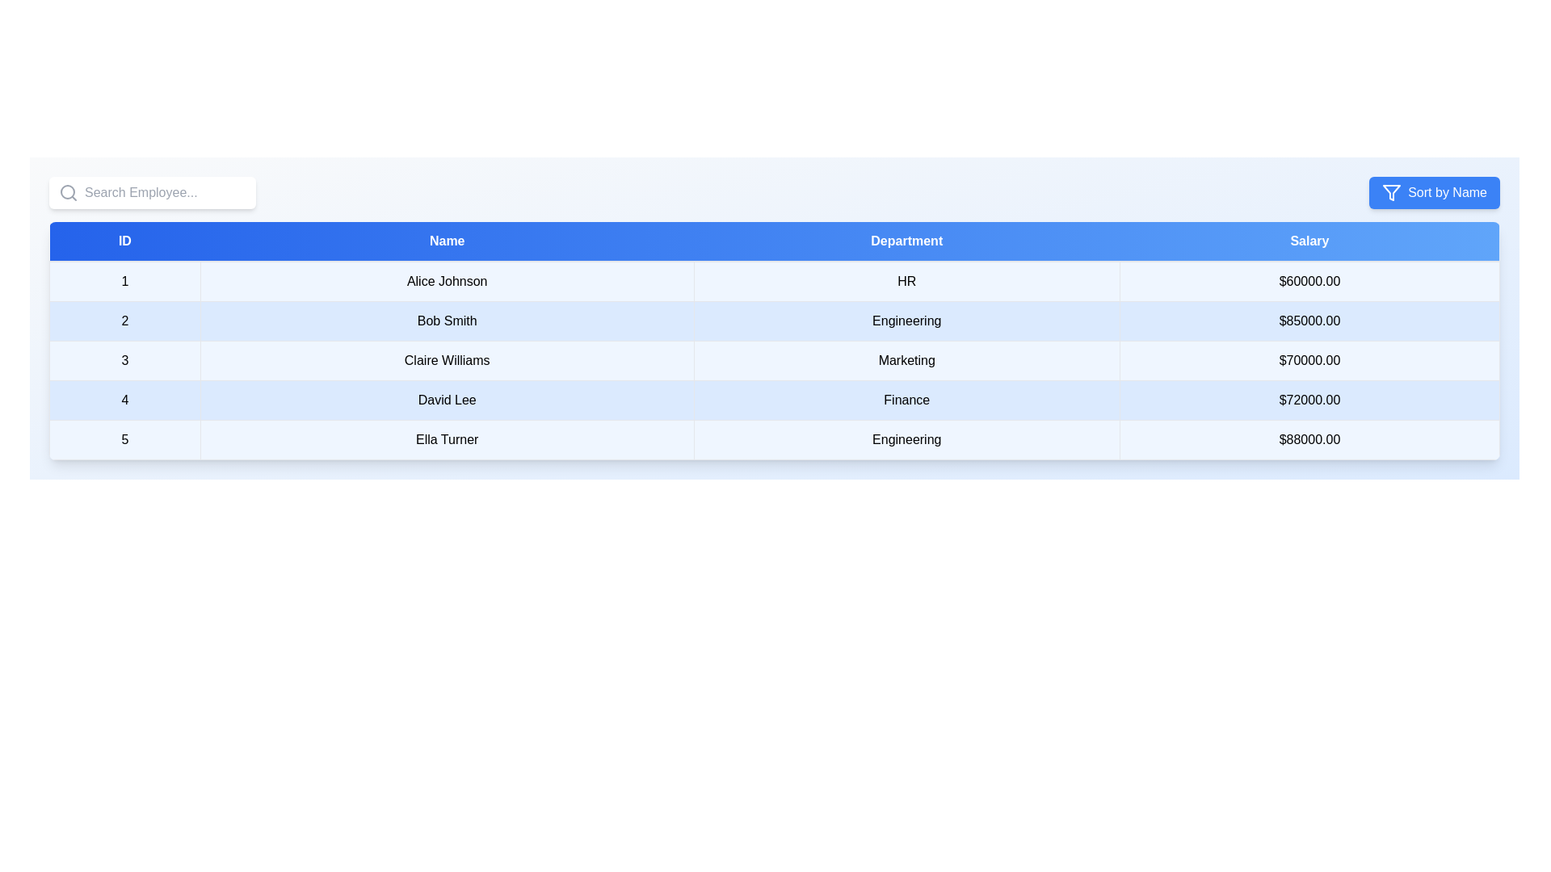 This screenshot has width=1551, height=872. What do you see at coordinates (1391, 192) in the screenshot?
I see `the funnel icon located to the left of the 'Sort by Name' label within a button at the top right of the interface above the salary column` at bounding box center [1391, 192].